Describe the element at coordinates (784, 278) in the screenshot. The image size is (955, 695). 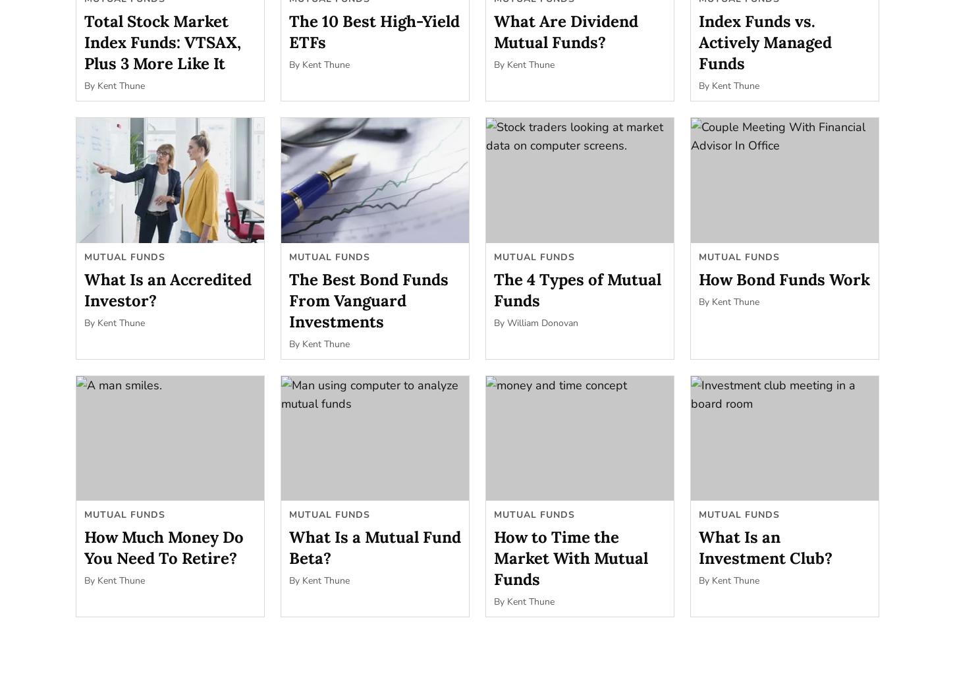
I see `'How Bond Funds Work'` at that location.